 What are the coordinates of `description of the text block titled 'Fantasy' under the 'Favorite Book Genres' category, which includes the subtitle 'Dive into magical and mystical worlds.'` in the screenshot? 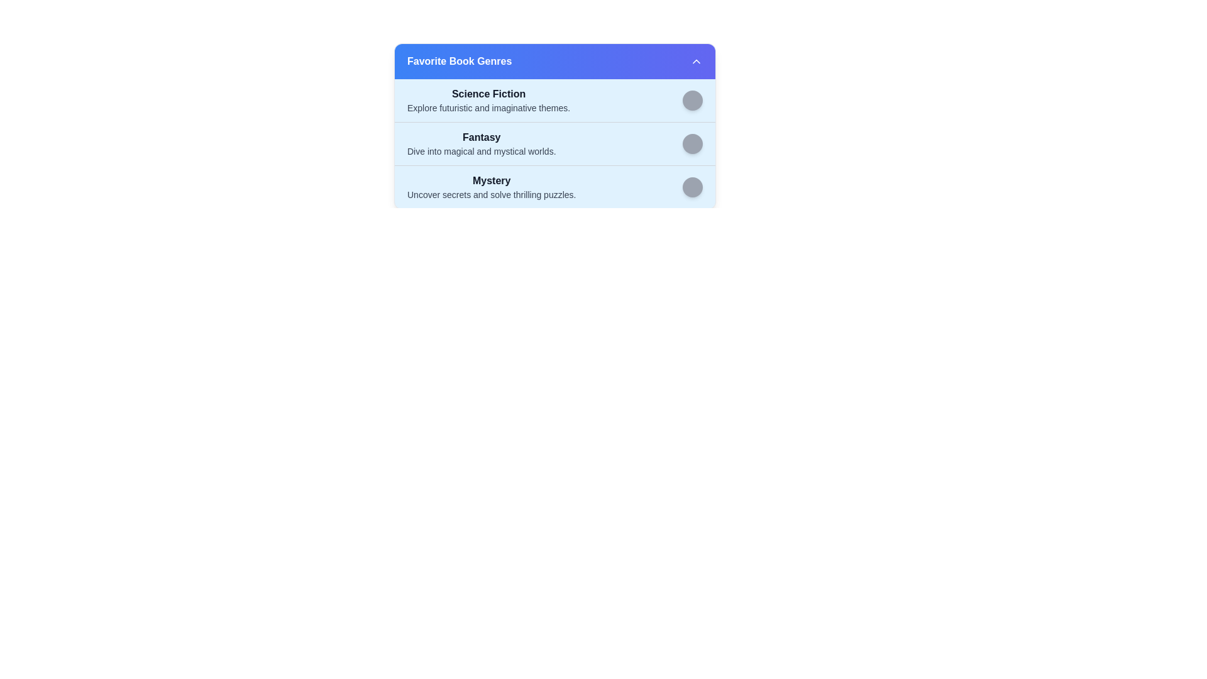 It's located at (481, 143).